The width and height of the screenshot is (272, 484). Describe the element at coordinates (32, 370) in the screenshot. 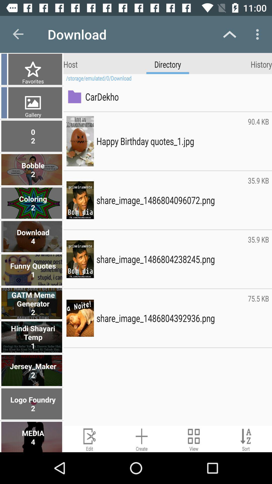

I see `jersey_maker` at that location.